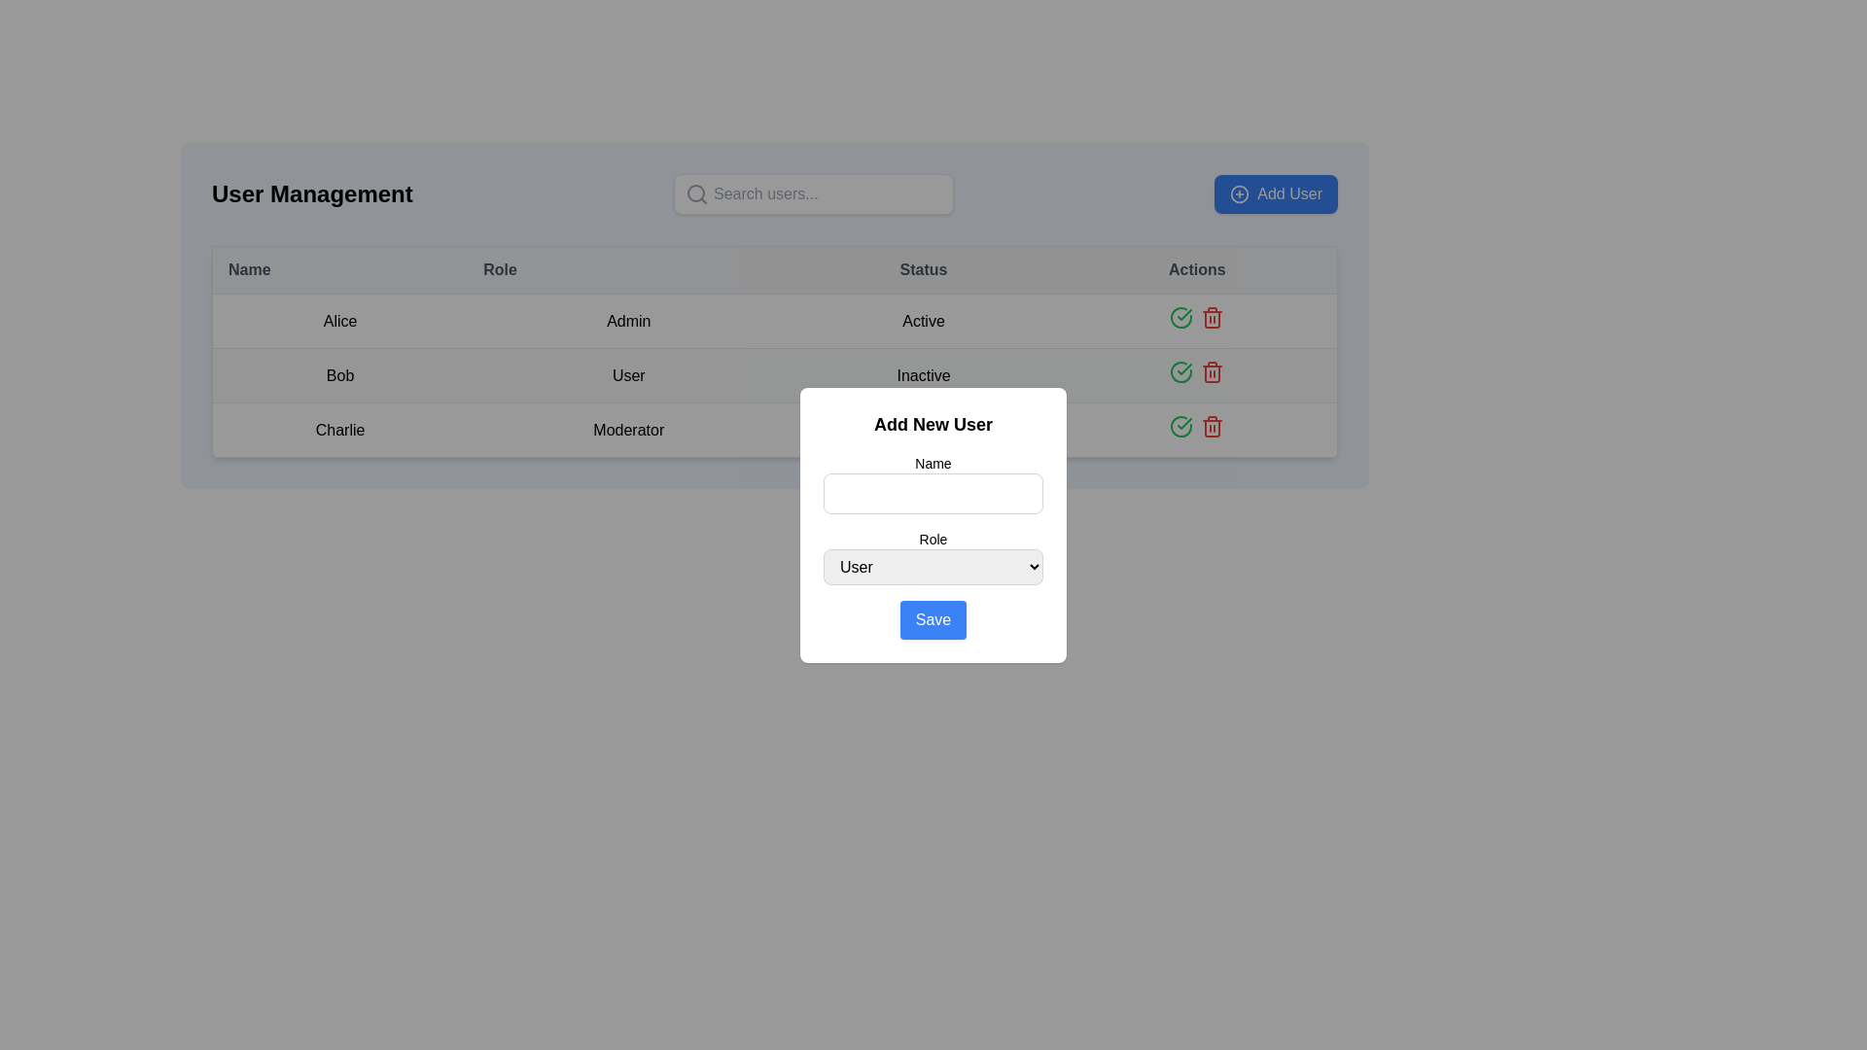 Image resolution: width=1867 pixels, height=1050 pixels. Describe the element at coordinates (923, 320) in the screenshot. I see `the Text Label displaying 'Active' in the third cell of the first row of the table under the 'Status' column` at that location.